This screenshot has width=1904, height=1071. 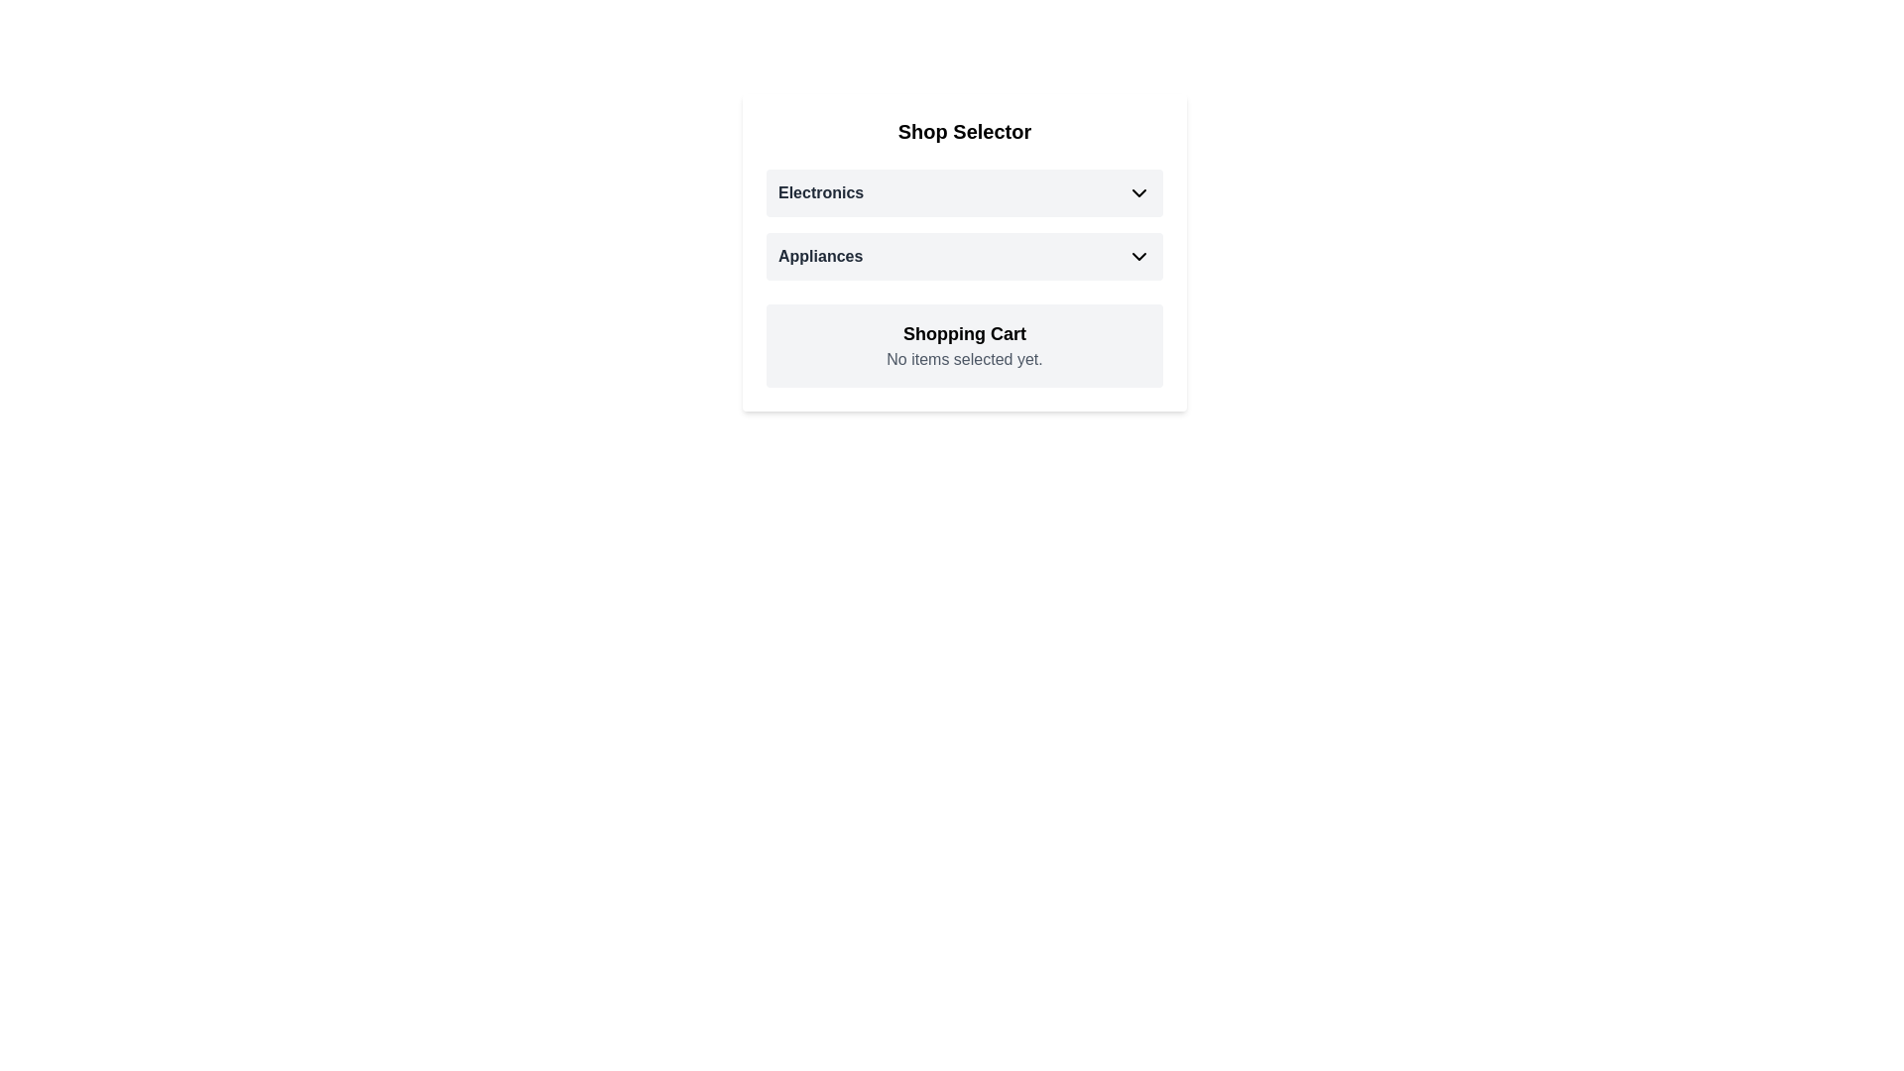 What do you see at coordinates (965, 332) in the screenshot?
I see `the header text label for the shopping cart section, which is centrally located above the sibling text 'No items selected yet.'` at bounding box center [965, 332].